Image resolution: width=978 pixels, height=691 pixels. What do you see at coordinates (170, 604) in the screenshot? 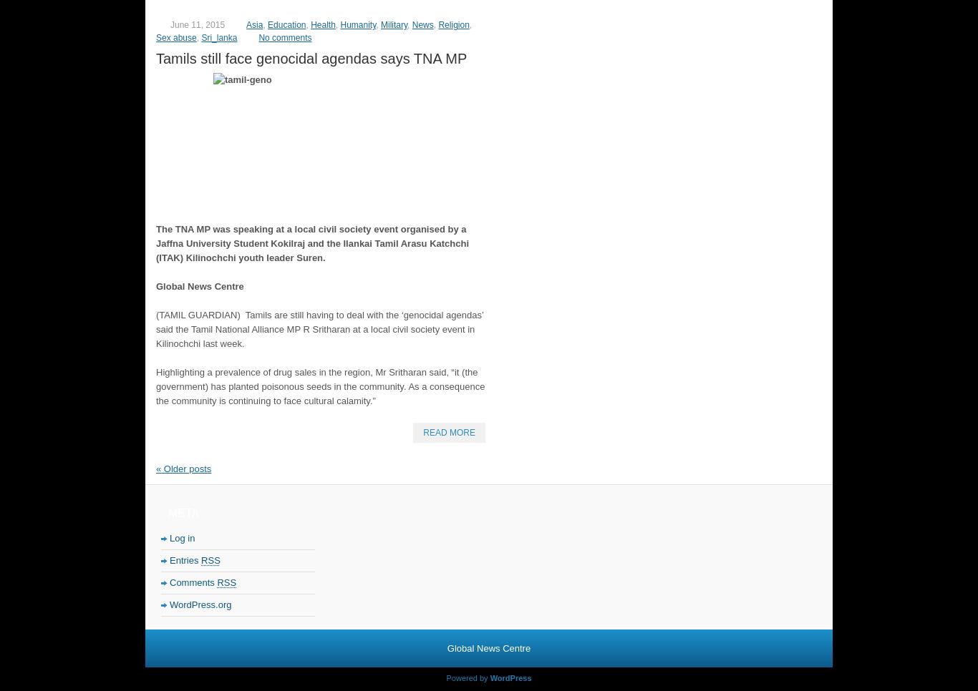
I see `'WordPress.org'` at bounding box center [170, 604].